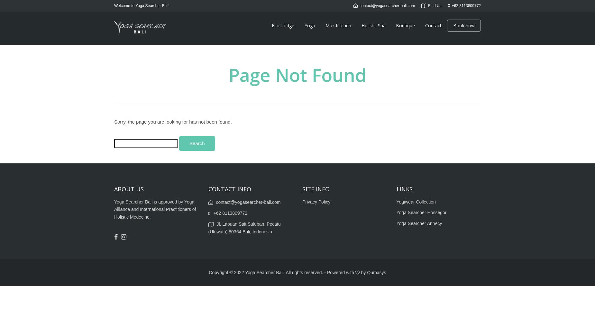 Image resolution: width=595 pixels, height=321 pixels. What do you see at coordinates (367, 272) in the screenshot?
I see `'Qumasys'` at bounding box center [367, 272].